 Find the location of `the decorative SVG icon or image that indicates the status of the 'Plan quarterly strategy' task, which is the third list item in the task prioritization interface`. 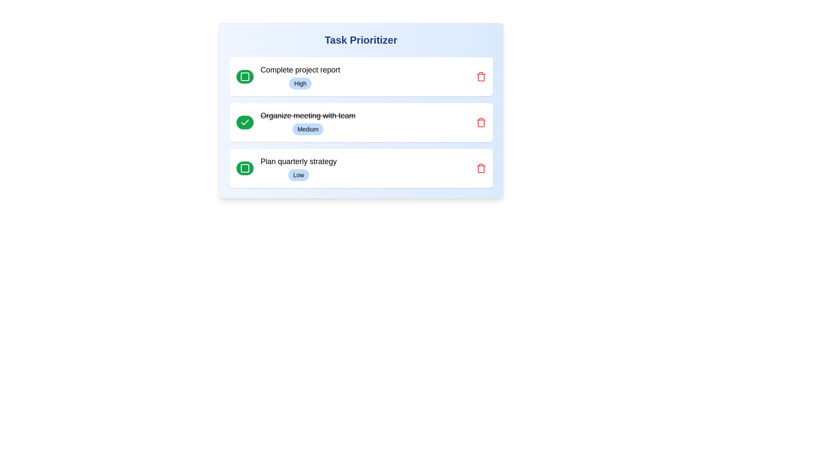

the decorative SVG icon or image that indicates the status of the 'Plan quarterly strategy' task, which is the third list item in the task prioritization interface is located at coordinates (244, 168).